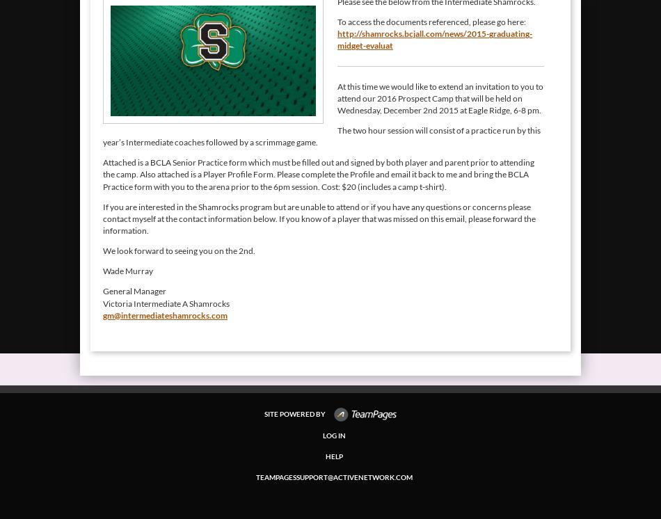  I want to click on 'teampagessupport@activenetwork.com', so click(333, 477).